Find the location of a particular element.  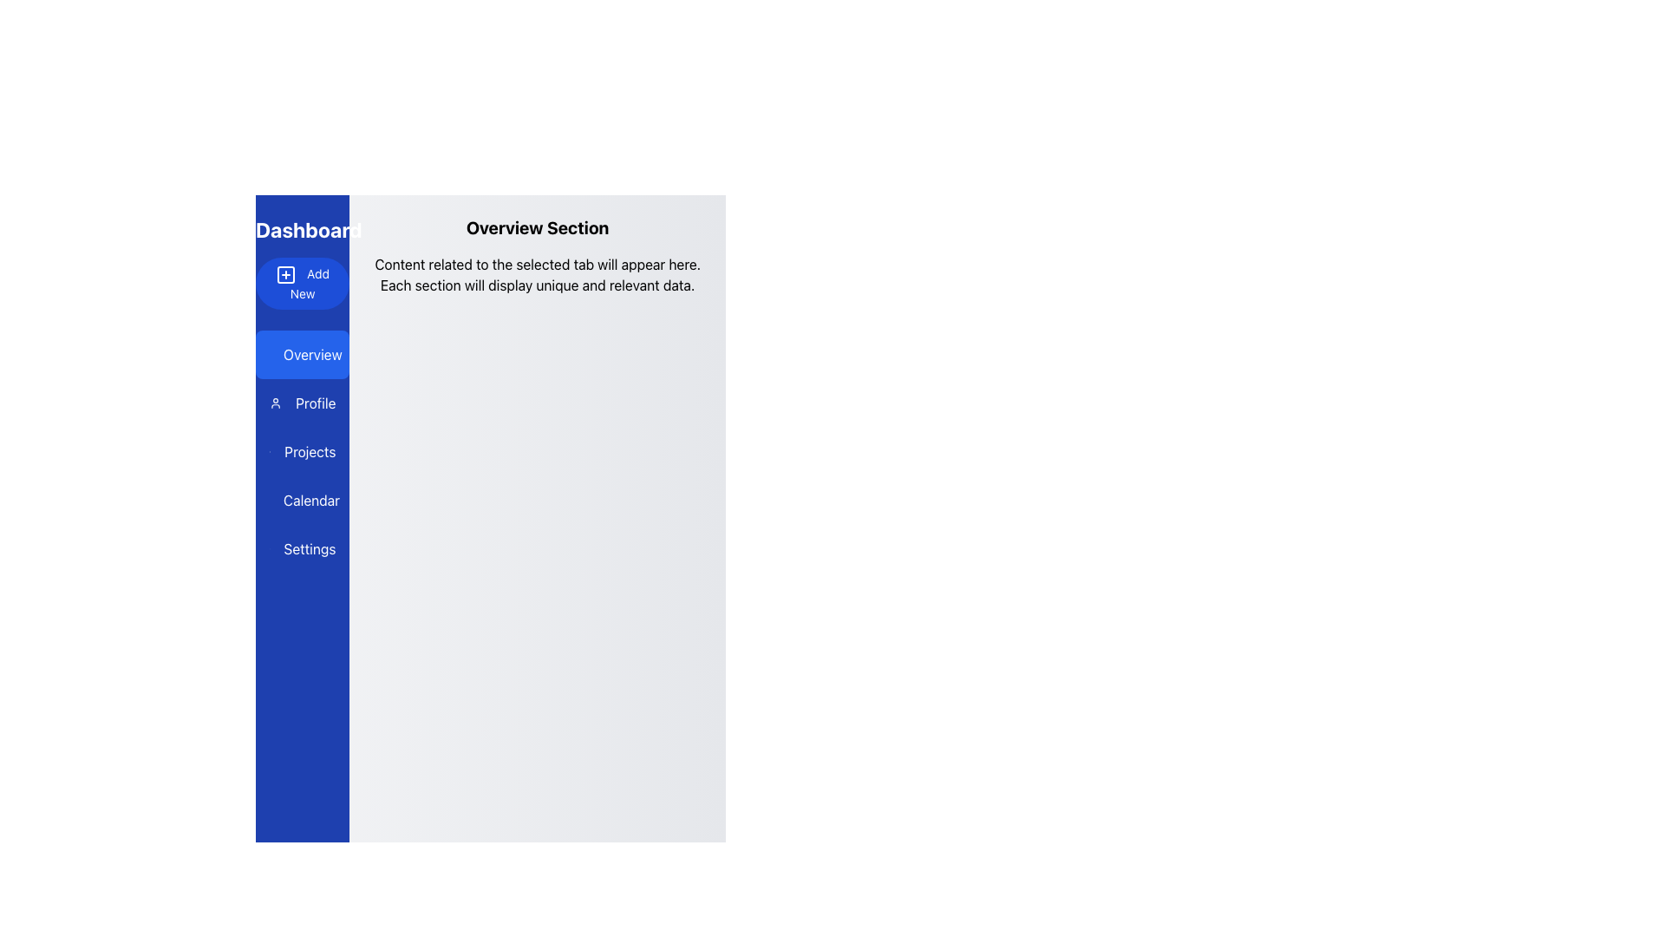

the bold title text 'Dashboard' displayed in large font size at the top of the sidebar, which is visually prominent with white font color on a blue background is located at coordinates (303, 229).